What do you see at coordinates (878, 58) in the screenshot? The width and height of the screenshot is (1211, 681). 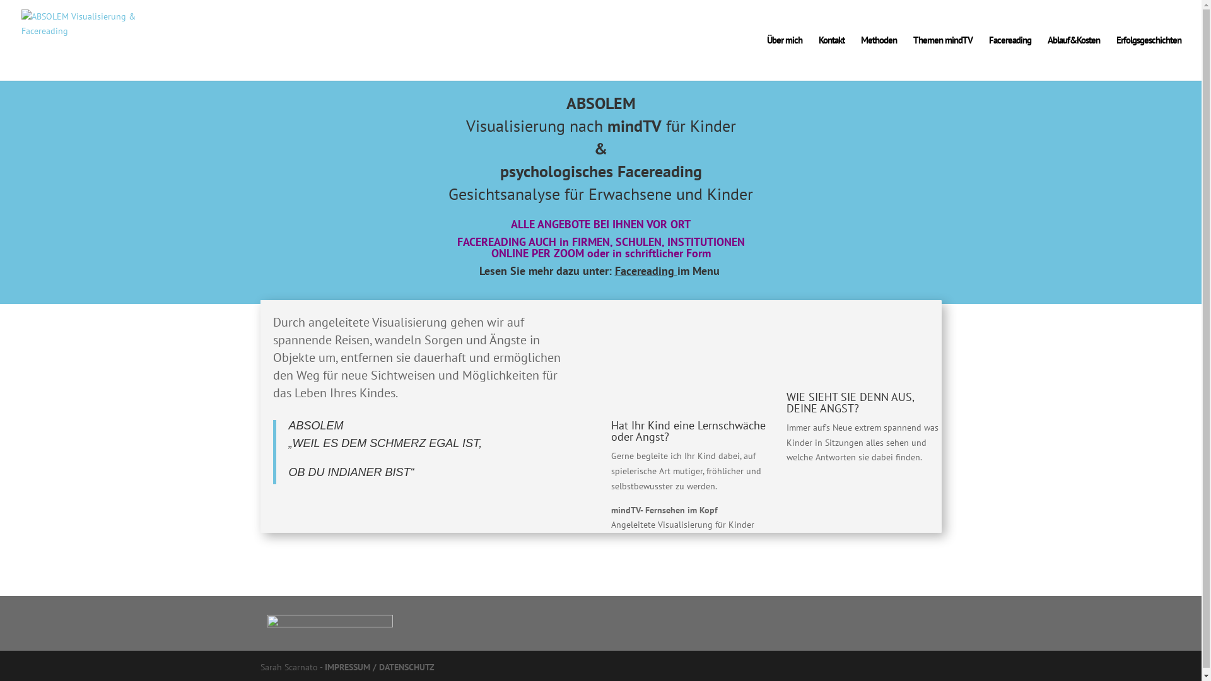 I see `'Methoden'` at bounding box center [878, 58].